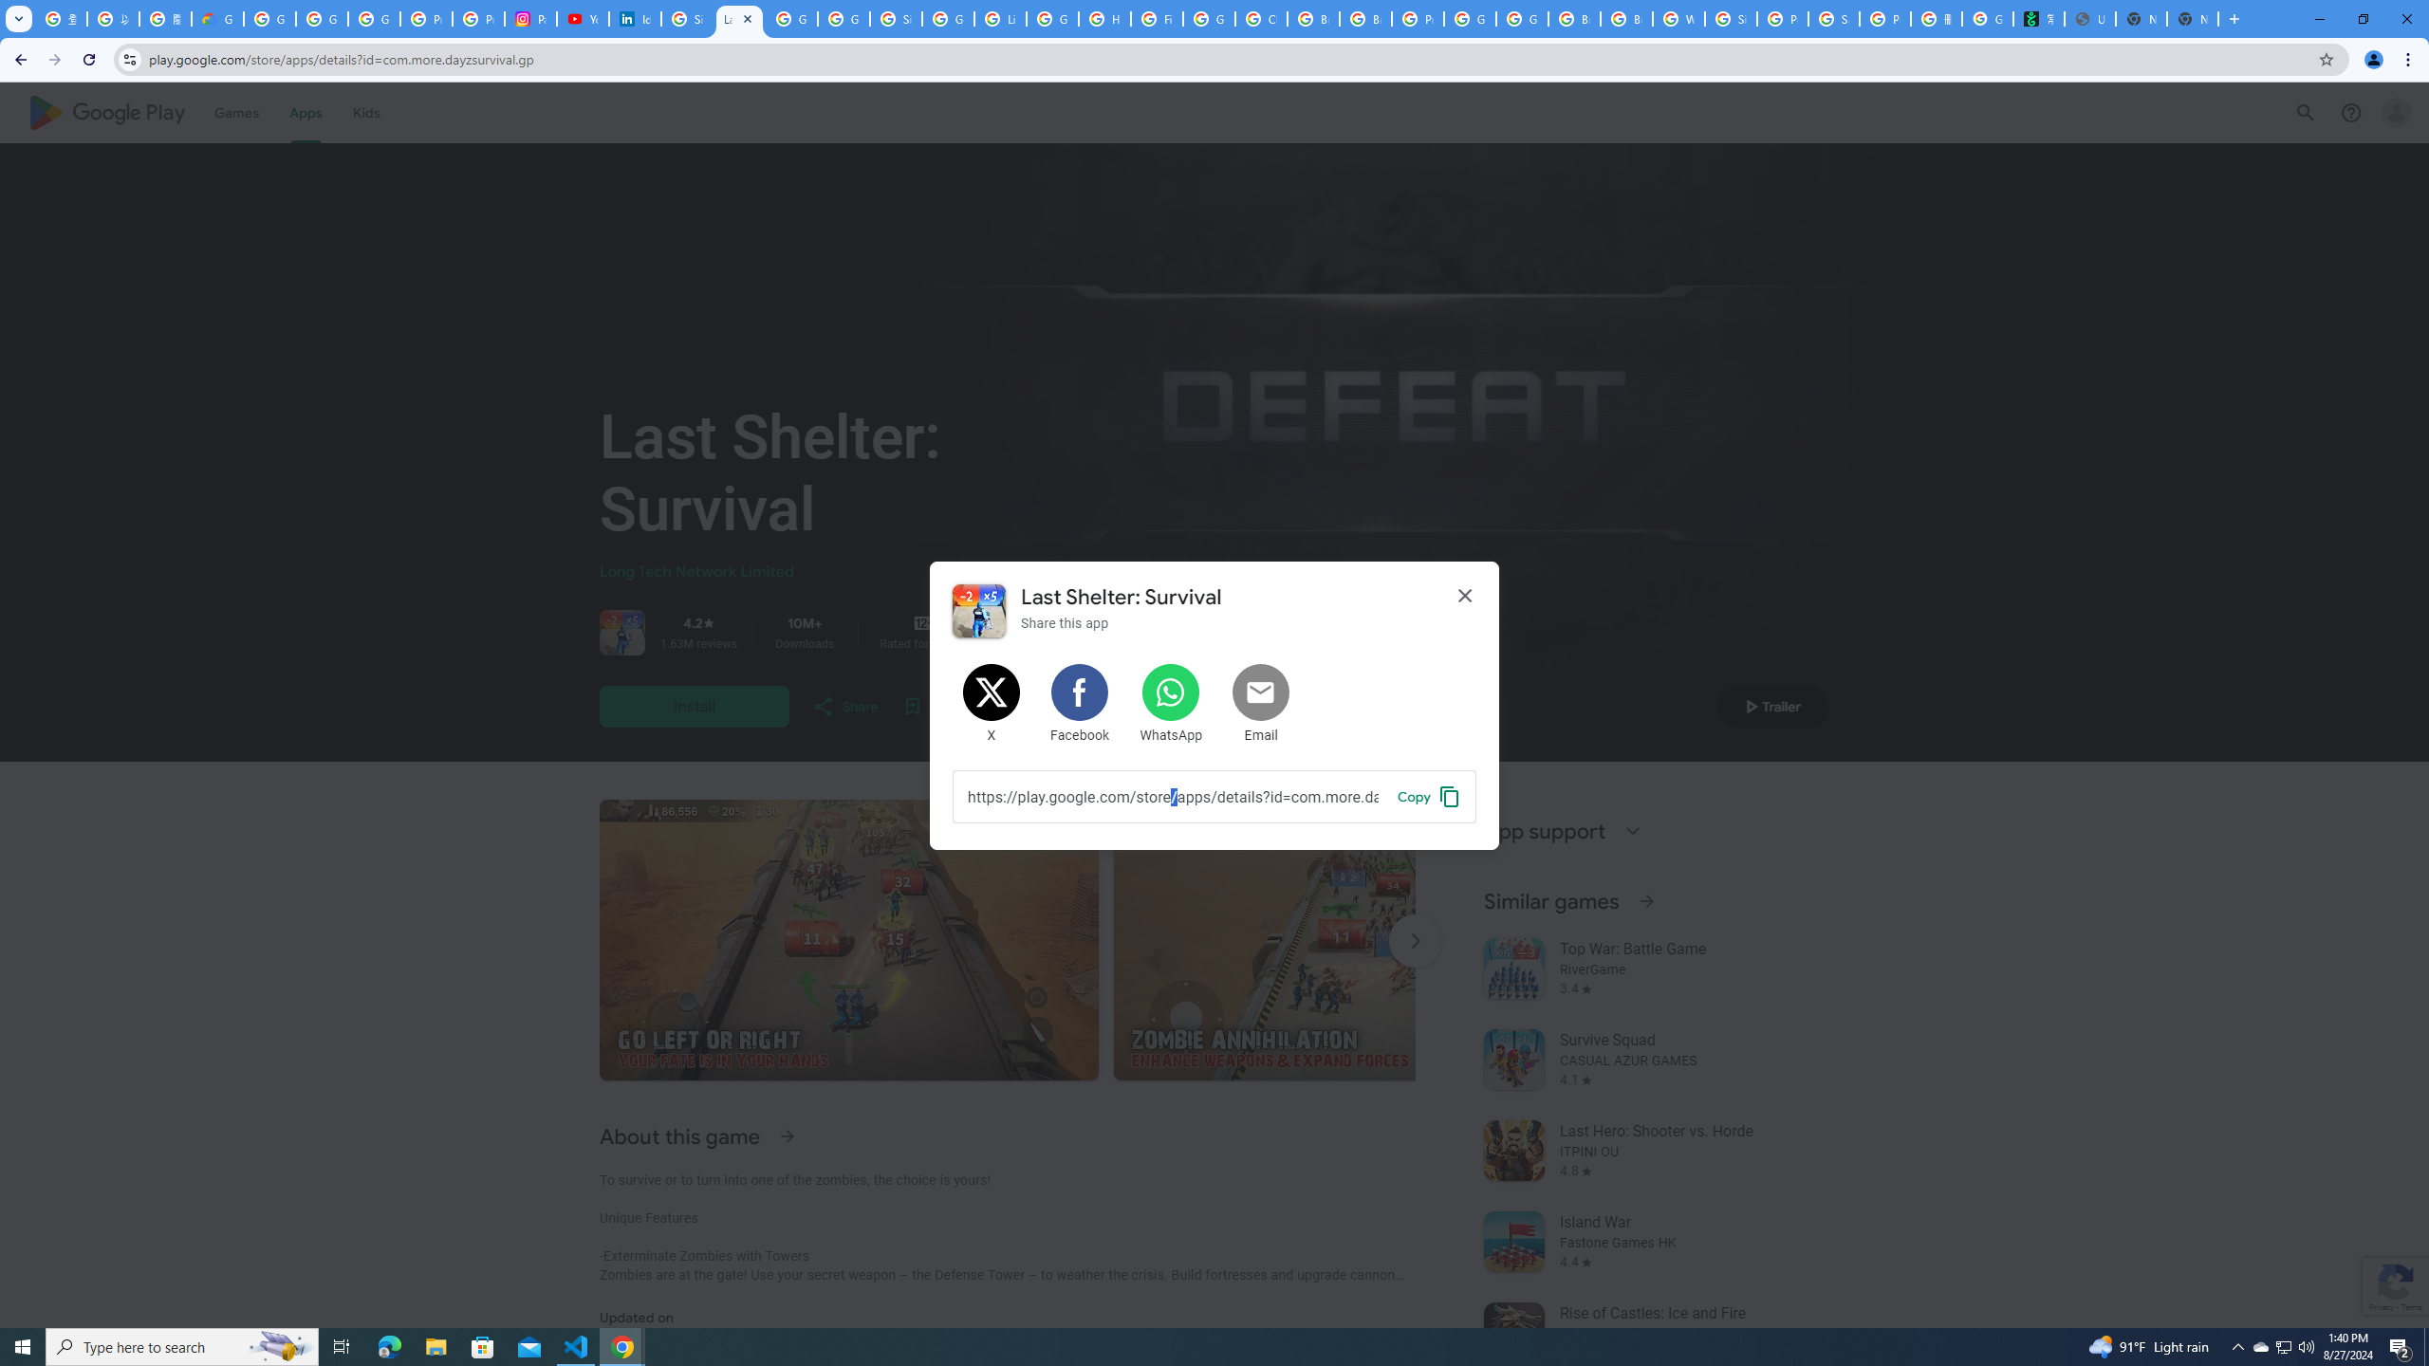 The image size is (2429, 1366). I want to click on 'Share by Email', so click(1260, 704).